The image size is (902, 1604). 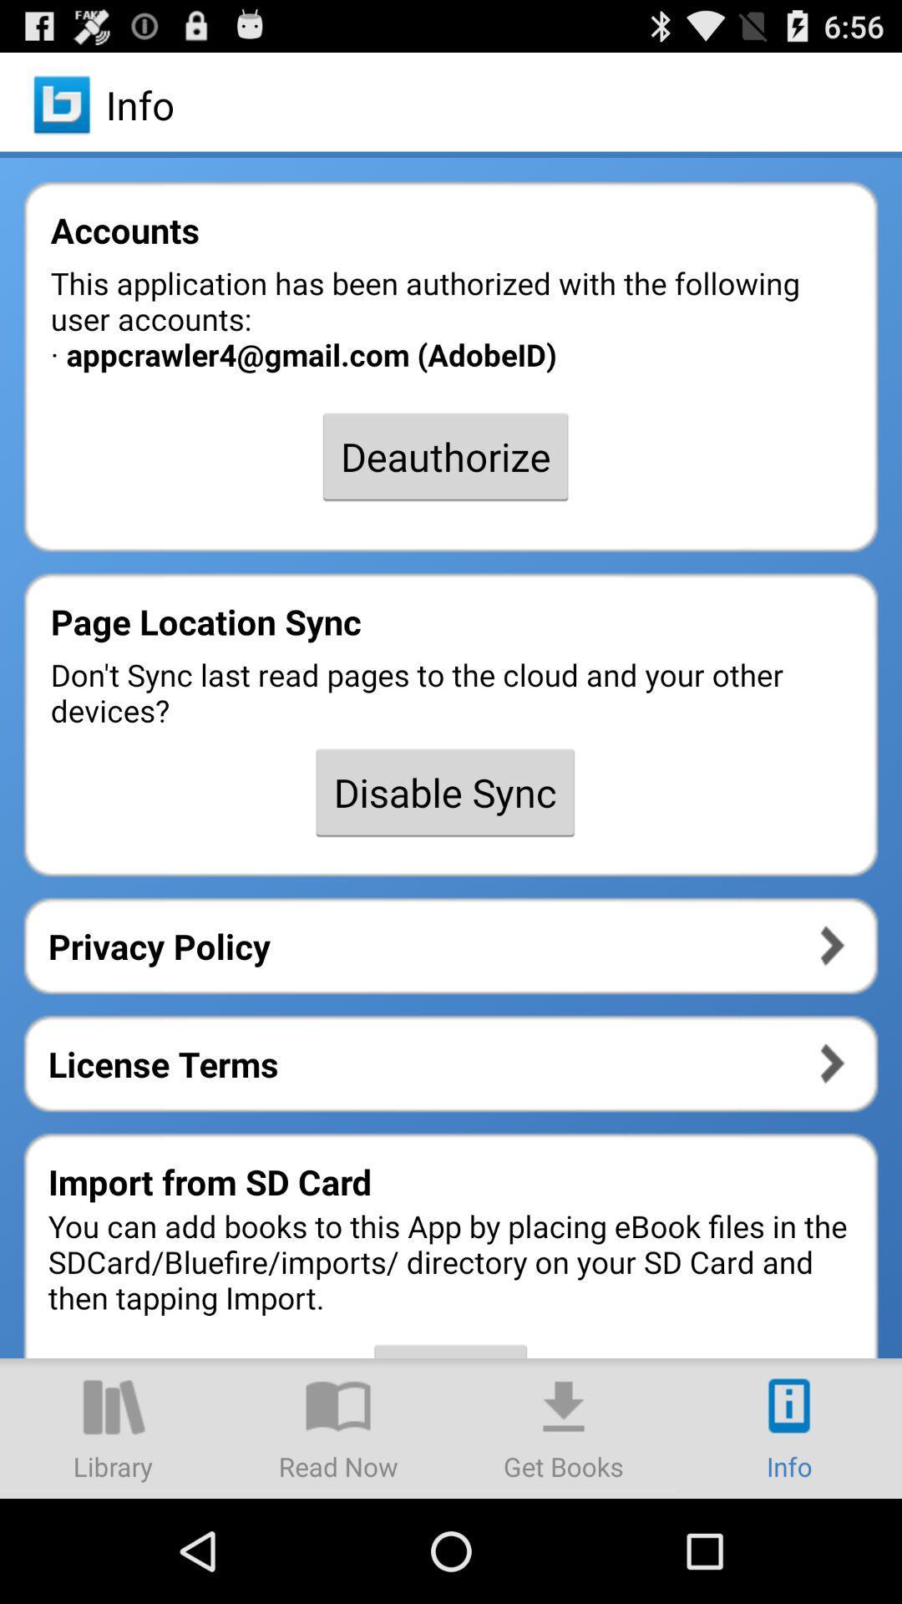 I want to click on icon below import, so click(x=338, y=1427).